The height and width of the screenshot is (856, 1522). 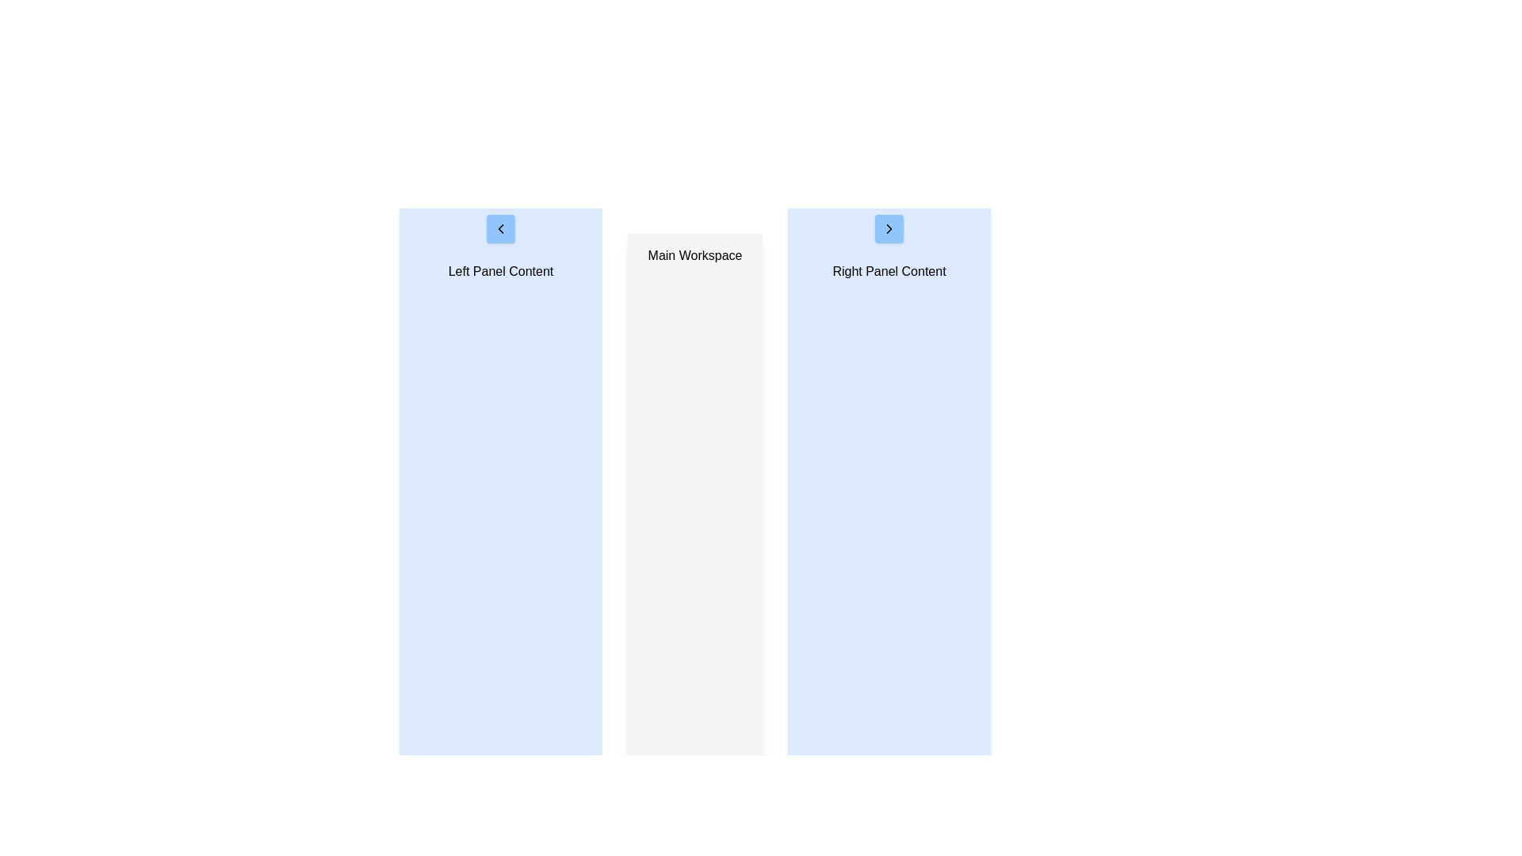 I want to click on the static text label stating 'Right Panel Content', which is centered within a light blue rectangular panel below a chevron-shaped button, so click(x=889, y=271).